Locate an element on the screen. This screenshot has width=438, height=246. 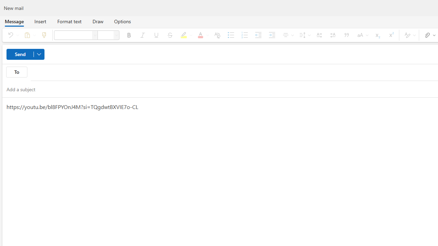
'Spacing' is located at coordinates (304, 35).